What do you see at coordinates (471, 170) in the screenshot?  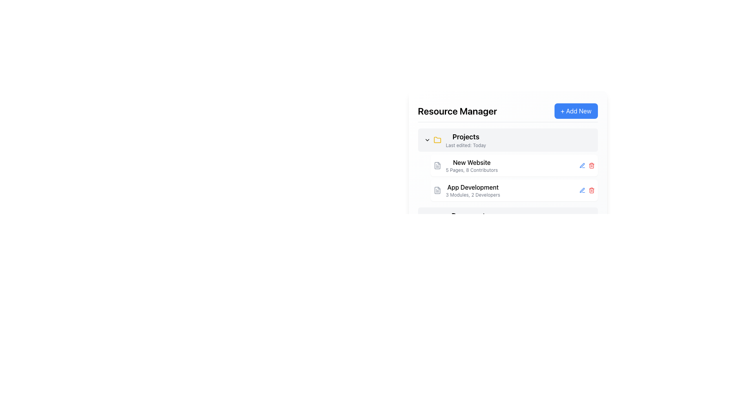 I see `the text element that provides meta-information about the 'New Website' project, located below the 'New Website' text in the 'Projects' section of the 'Resource Manager'` at bounding box center [471, 170].